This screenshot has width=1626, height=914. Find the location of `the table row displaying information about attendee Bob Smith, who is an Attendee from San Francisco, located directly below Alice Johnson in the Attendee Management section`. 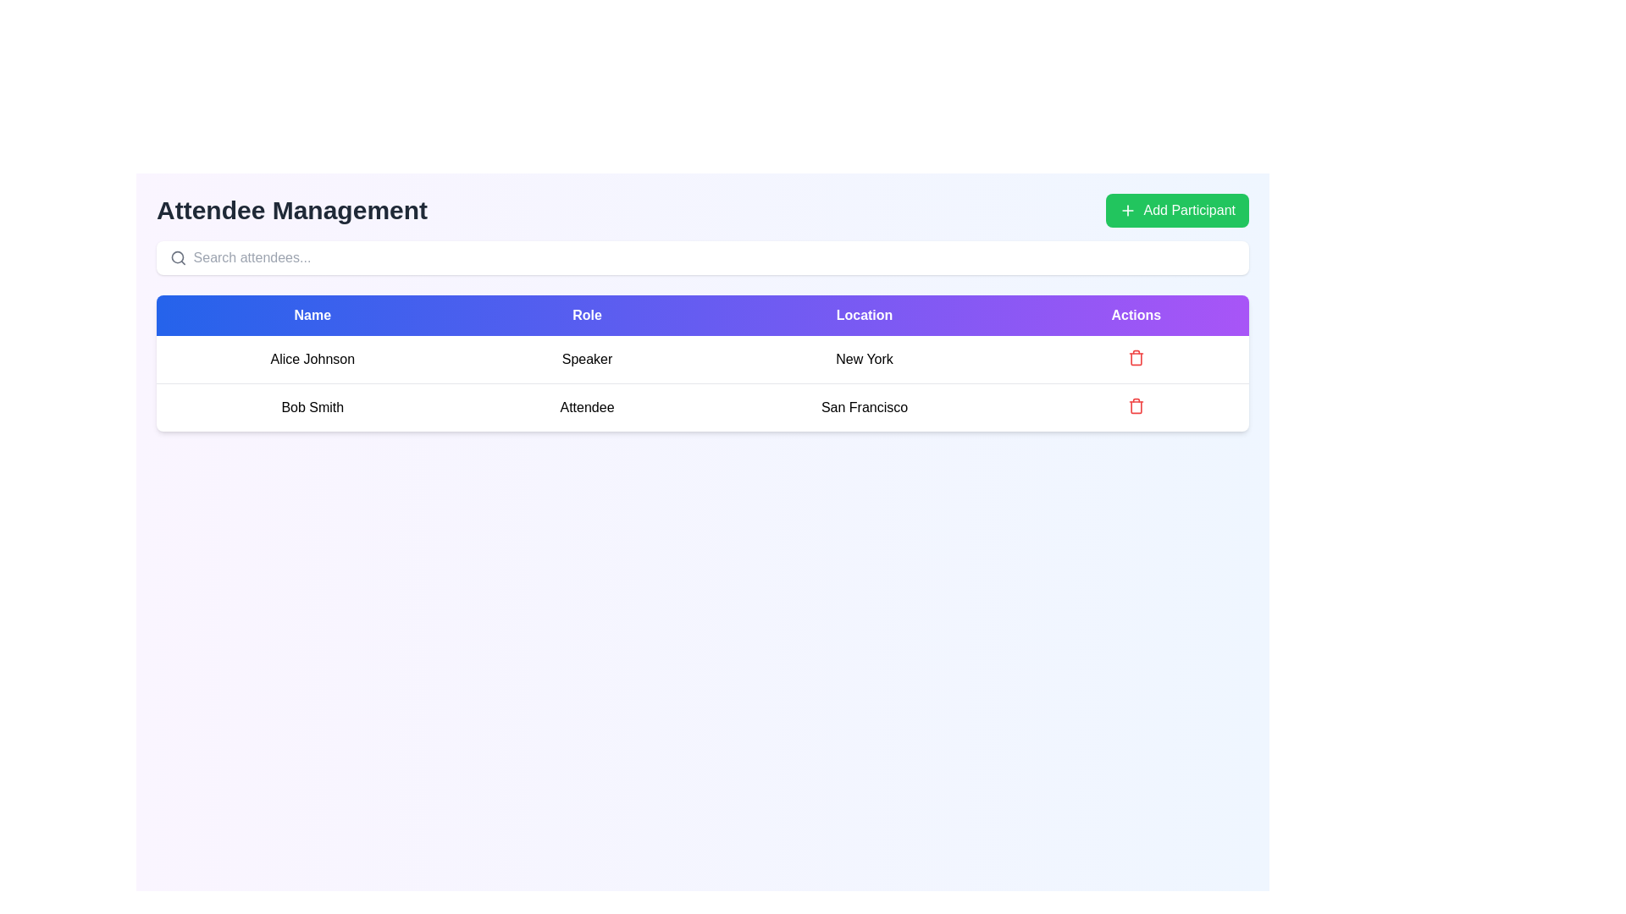

the table row displaying information about attendee Bob Smith, who is an Attendee from San Francisco, located directly below Alice Johnson in the Attendee Management section is located at coordinates (703, 407).